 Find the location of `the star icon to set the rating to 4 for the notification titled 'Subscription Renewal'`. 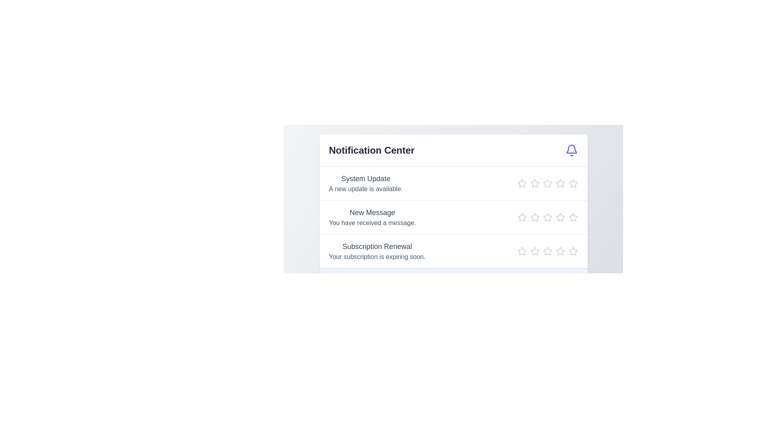

the star icon to set the rating to 4 for the notification titled 'Subscription Renewal' is located at coordinates (560, 251).